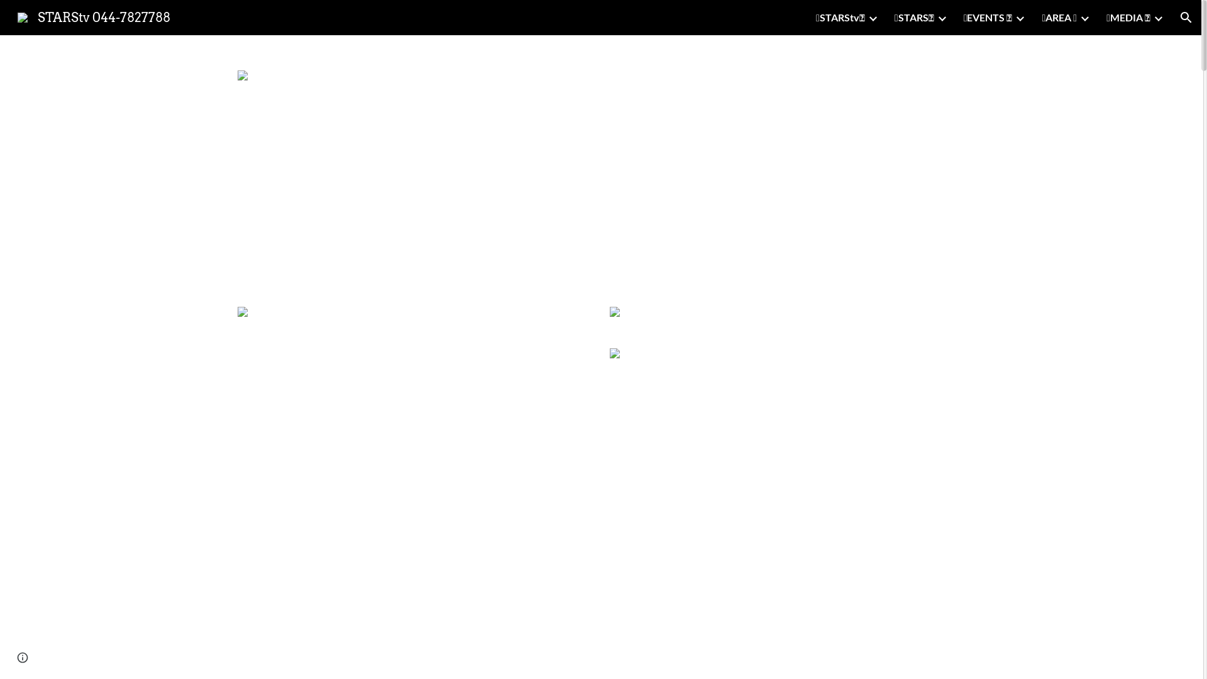 The height and width of the screenshot is (679, 1207). Describe the element at coordinates (1020, 17) in the screenshot. I see `'Expand/Collapse'` at that location.